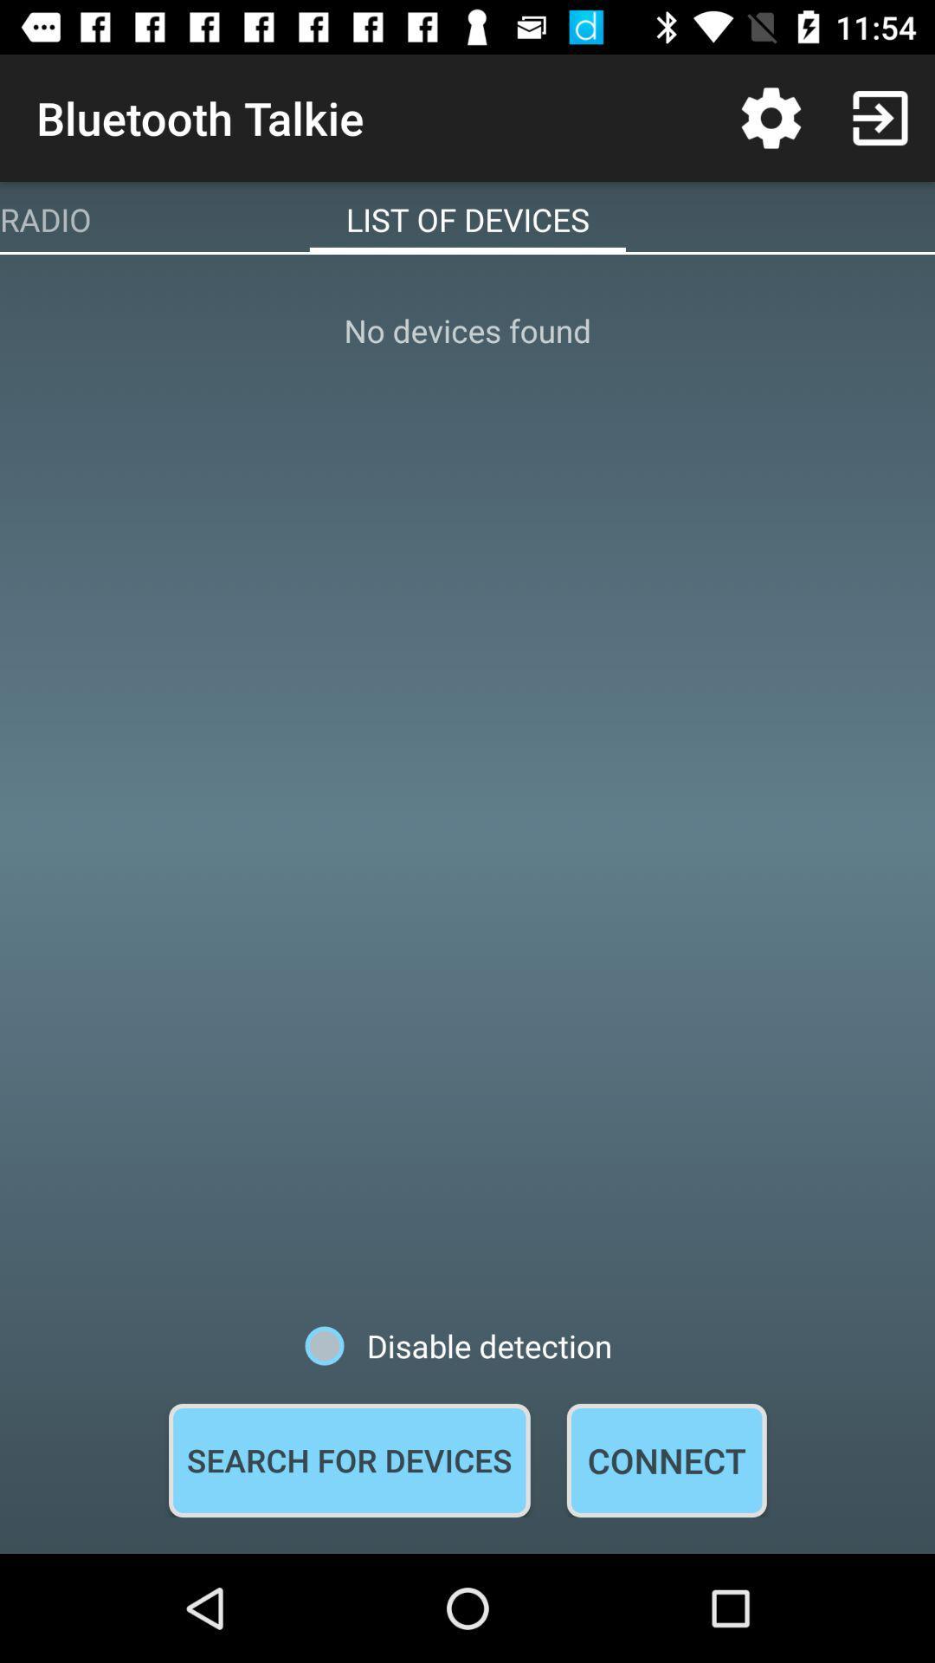  What do you see at coordinates (771, 117) in the screenshot?
I see `the icon to the right of the bluetooth talkie` at bounding box center [771, 117].